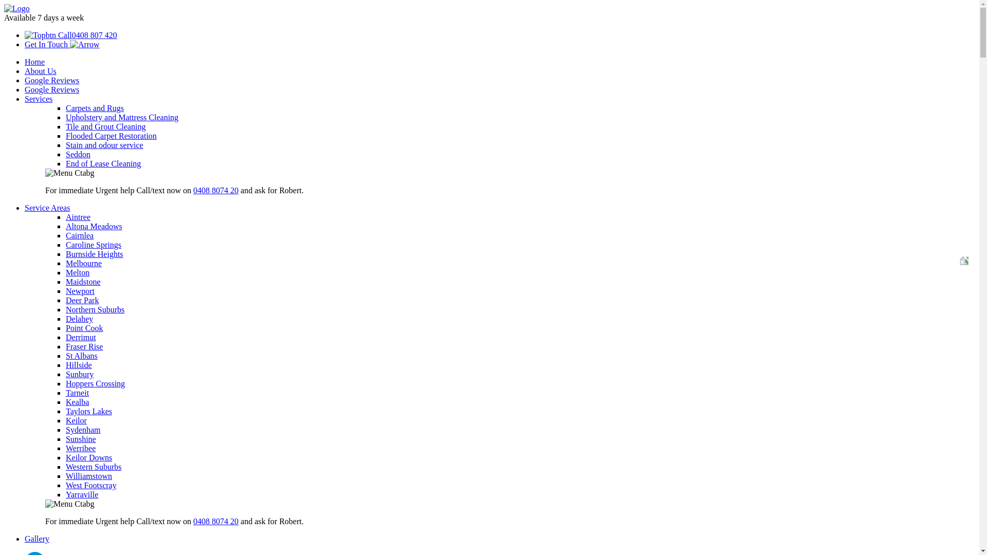  What do you see at coordinates (25, 89) in the screenshot?
I see `'Google Reviews'` at bounding box center [25, 89].